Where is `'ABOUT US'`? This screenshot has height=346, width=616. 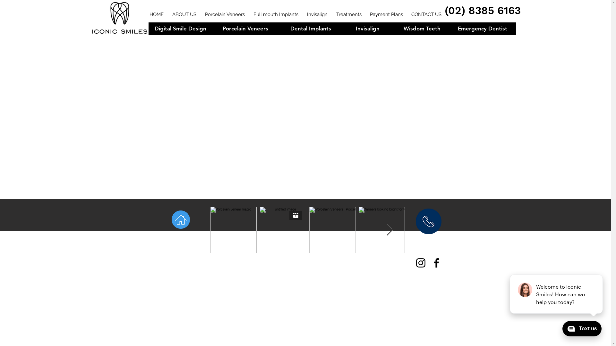 'ABOUT US' is located at coordinates (184, 28).